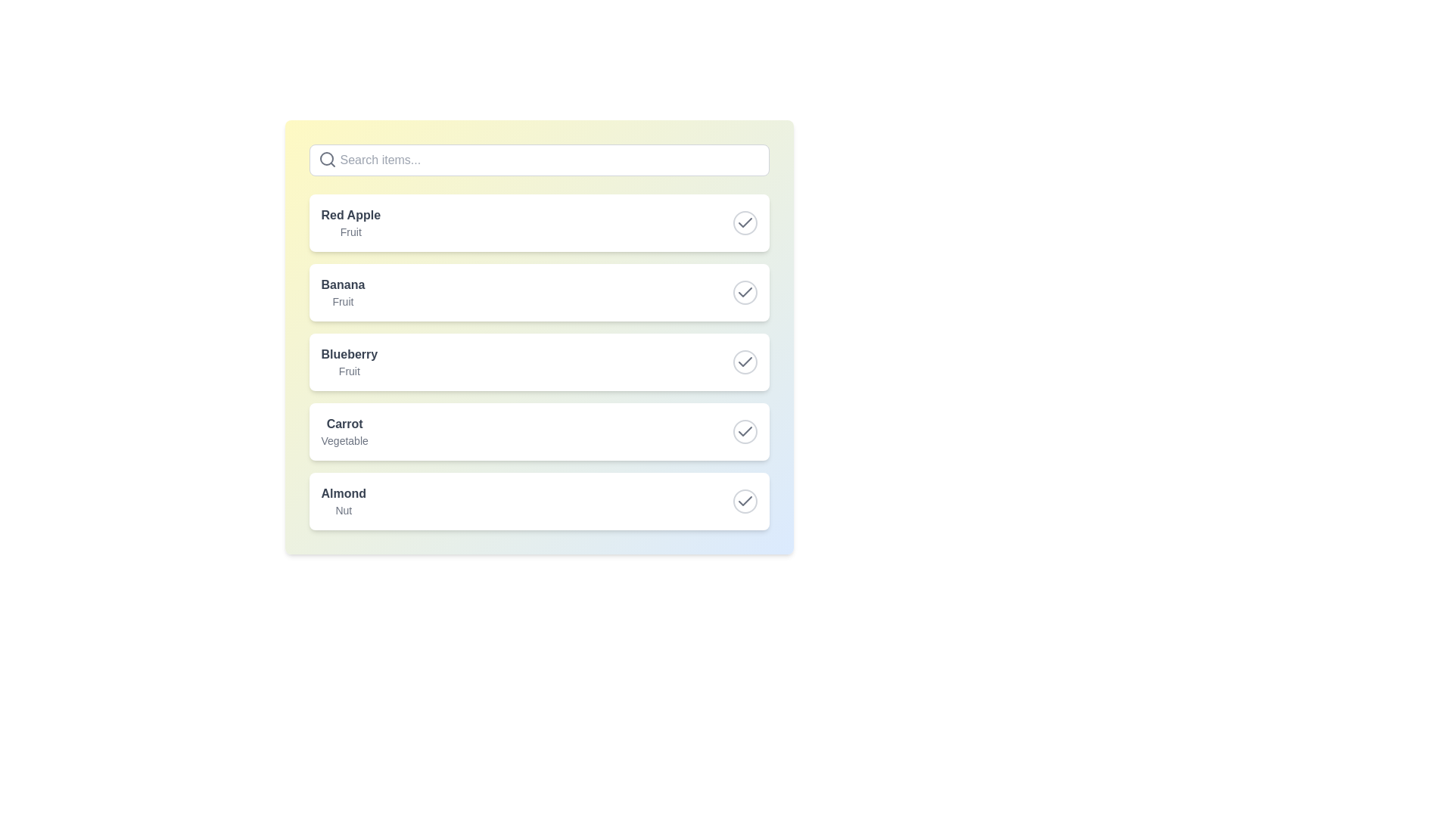 This screenshot has width=1453, height=817. Describe the element at coordinates (745, 362) in the screenshot. I see `the Checkbox-like indicator for the list item 'Blueberry - Fruit' to provide visual feedback` at that location.